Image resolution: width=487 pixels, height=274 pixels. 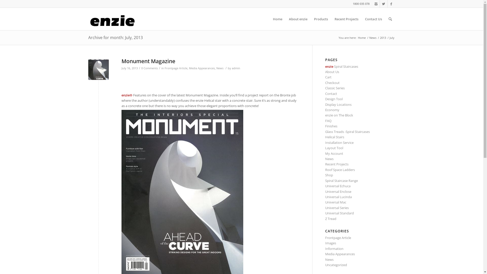 I want to click on 'Roof Space Ladders', so click(x=340, y=169).